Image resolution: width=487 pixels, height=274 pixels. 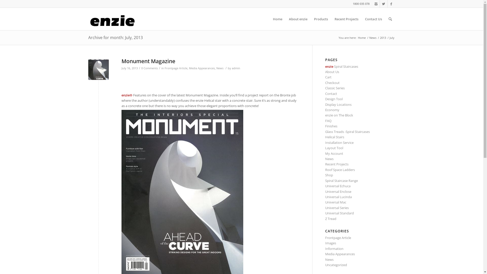 I want to click on 'Roof Space Ladders', so click(x=340, y=169).